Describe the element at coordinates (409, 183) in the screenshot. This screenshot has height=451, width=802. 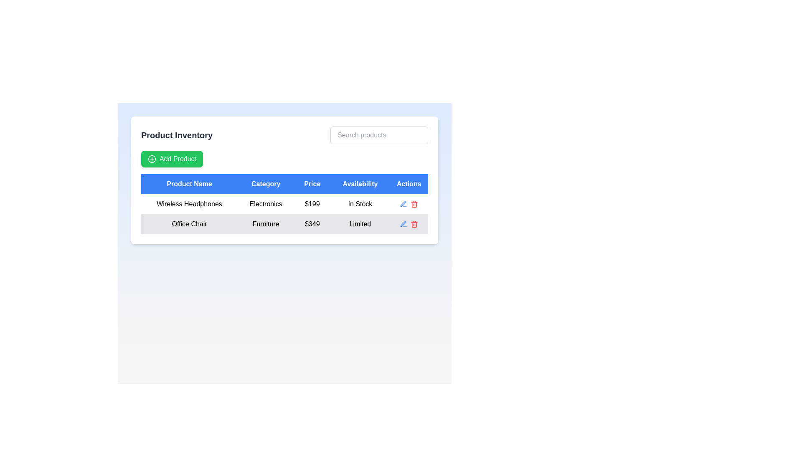
I see `the fifth column header labeled for actions available for each product item in the table` at that location.